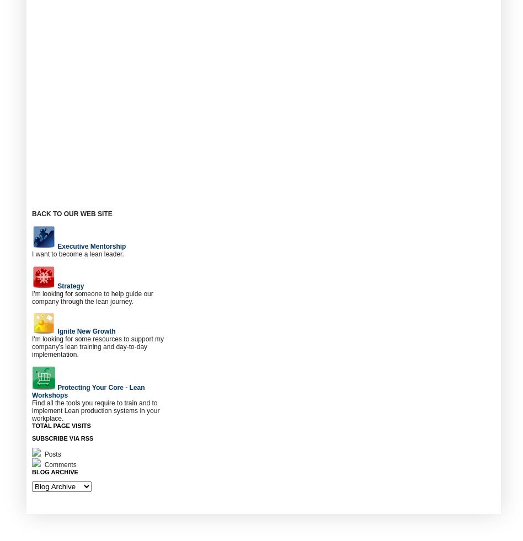  I want to click on 'Comments', so click(59, 464).